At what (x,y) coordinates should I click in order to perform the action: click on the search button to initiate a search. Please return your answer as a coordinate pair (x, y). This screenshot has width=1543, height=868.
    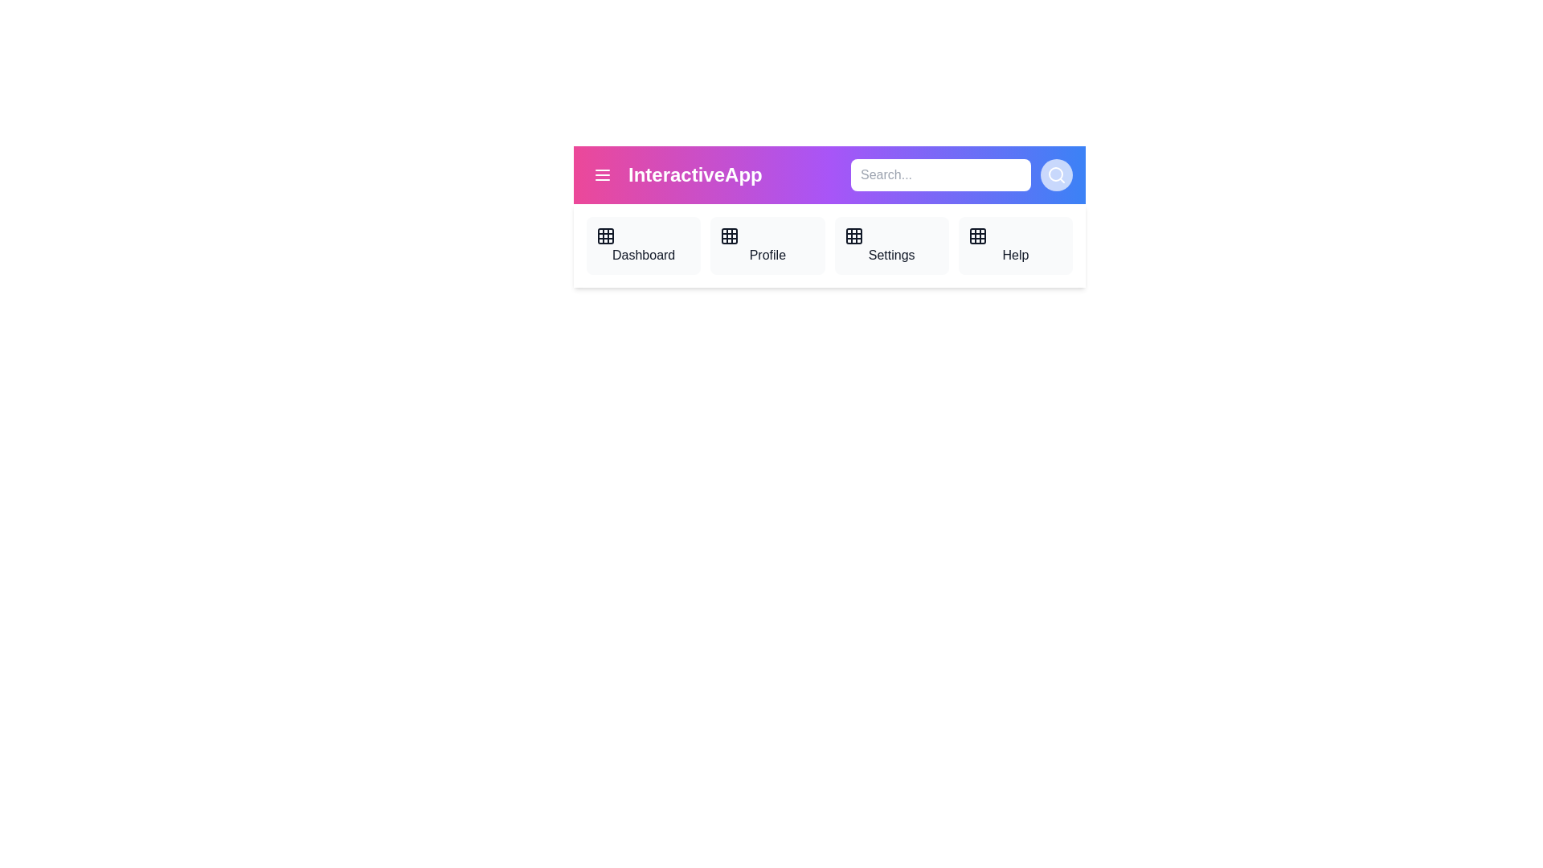
    Looking at the image, I should click on (1057, 175).